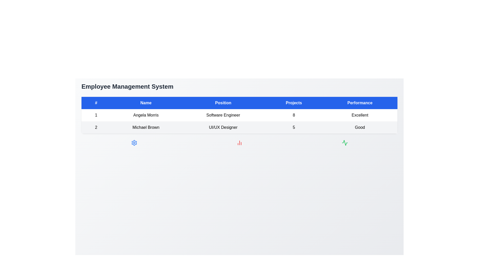 Image resolution: width=492 pixels, height=276 pixels. I want to click on the table header element indicating performance, located at the top-right of the table's header row, following the 'Projects' header, so click(360, 103).